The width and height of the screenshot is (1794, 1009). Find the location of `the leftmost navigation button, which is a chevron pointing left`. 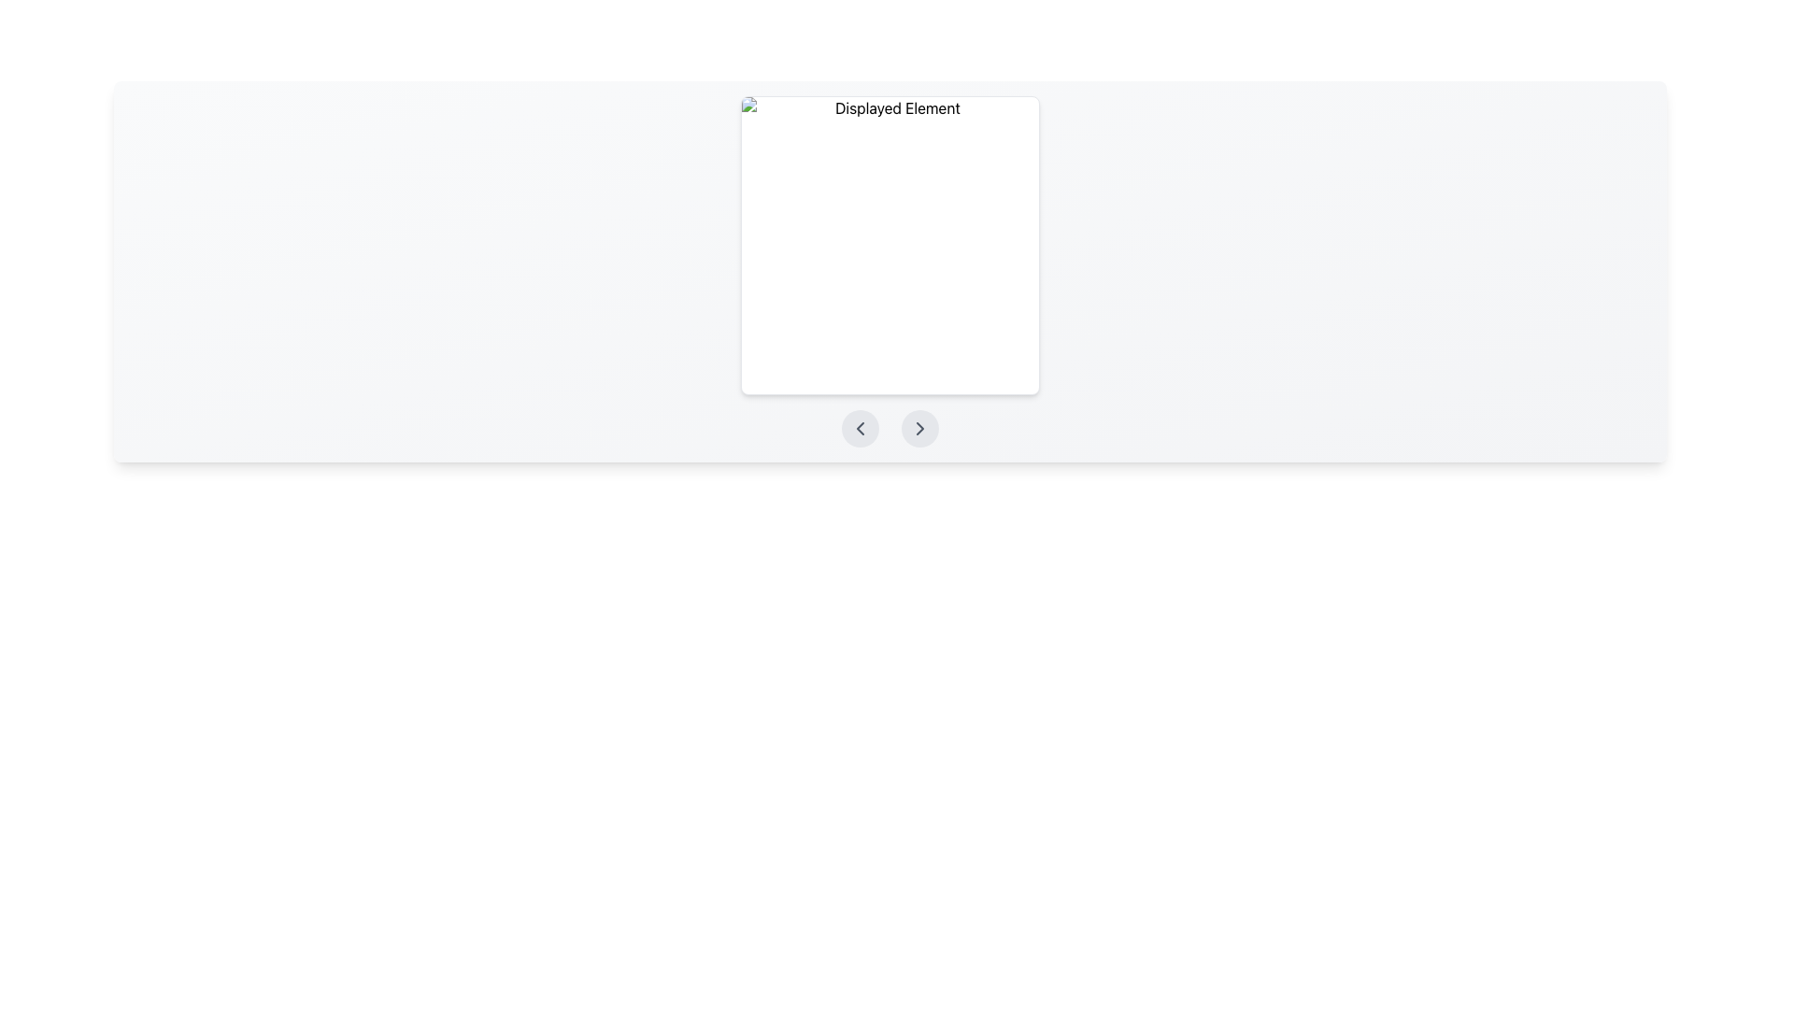

the leftmost navigation button, which is a chevron pointing left is located at coordinates (860, 429).